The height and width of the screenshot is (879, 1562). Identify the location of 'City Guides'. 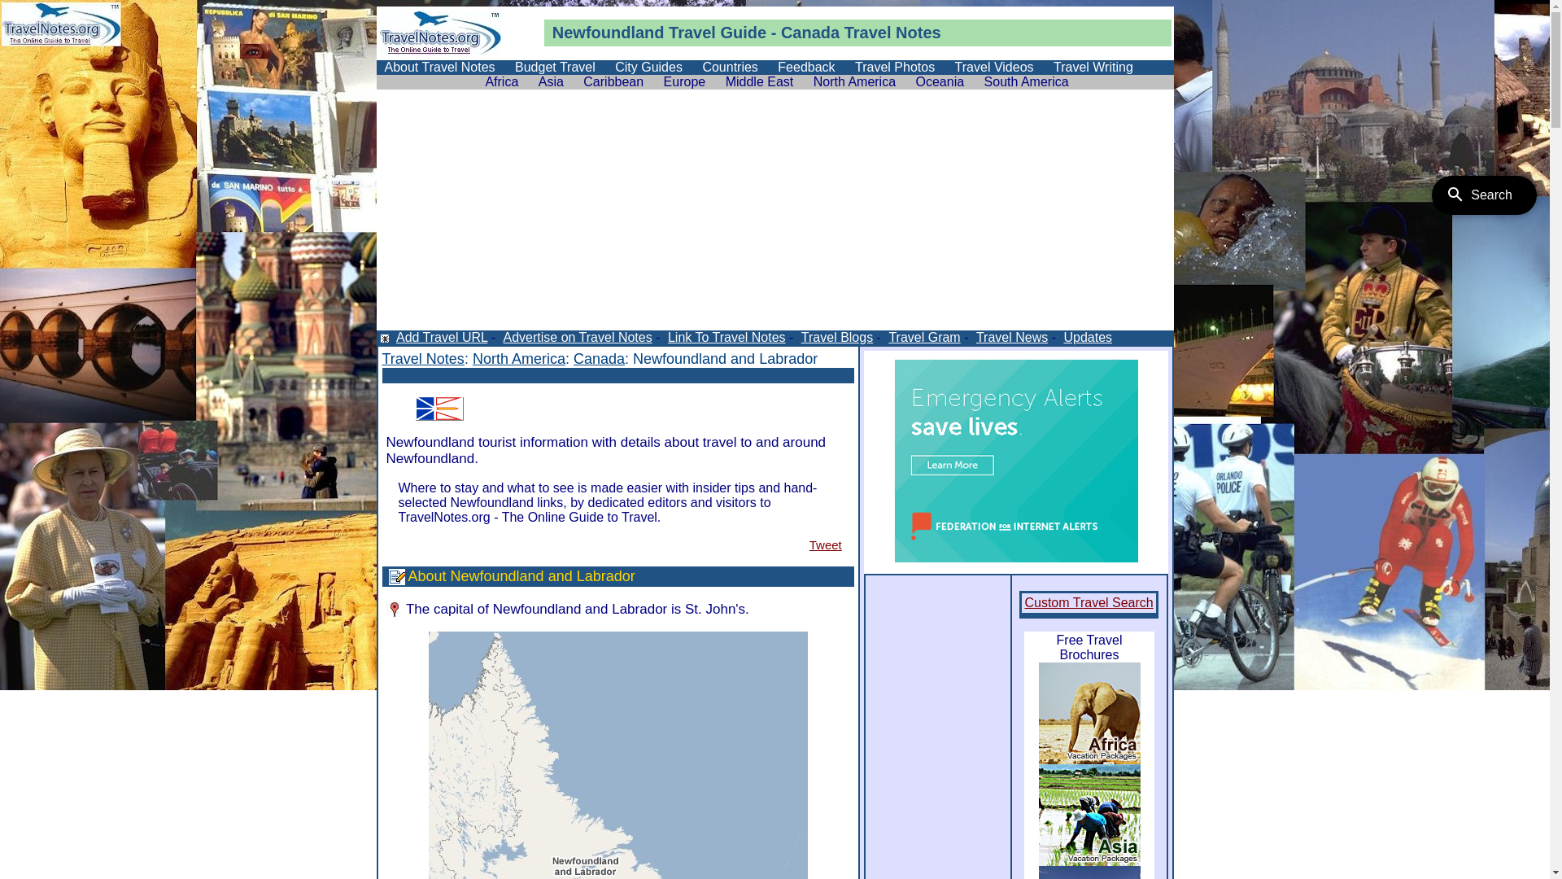
(648, 66).